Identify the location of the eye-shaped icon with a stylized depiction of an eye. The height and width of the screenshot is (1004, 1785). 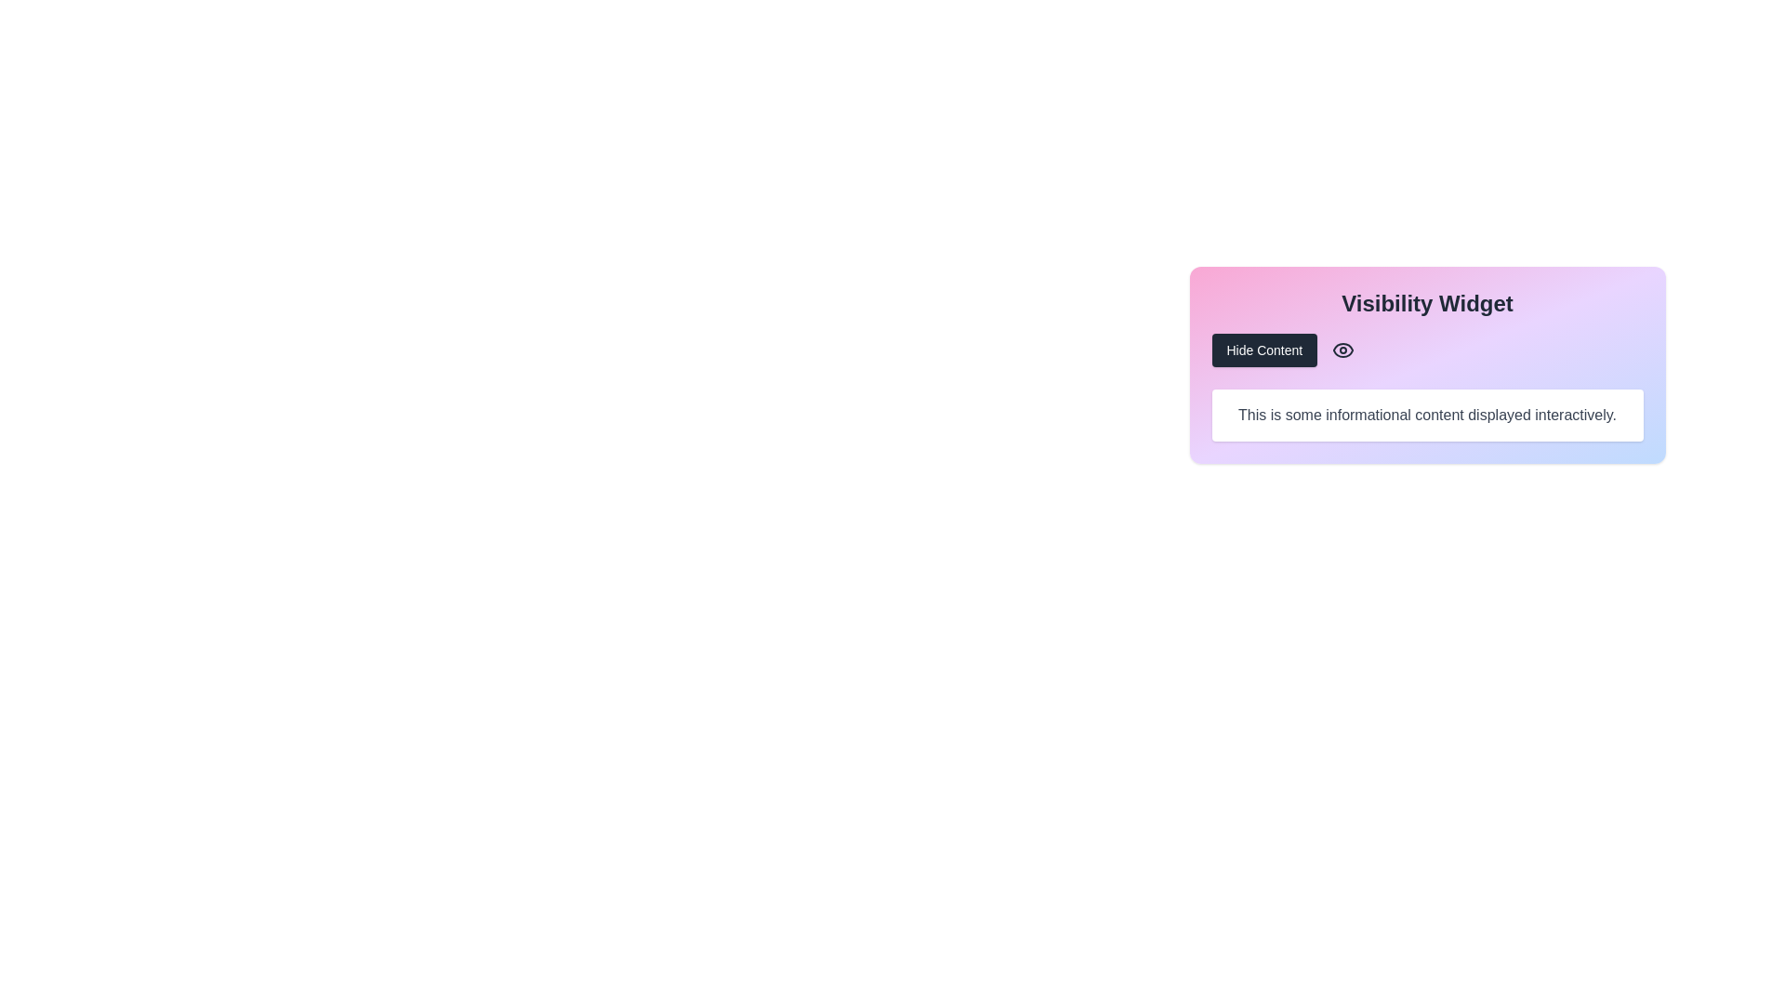
(1343, 350).